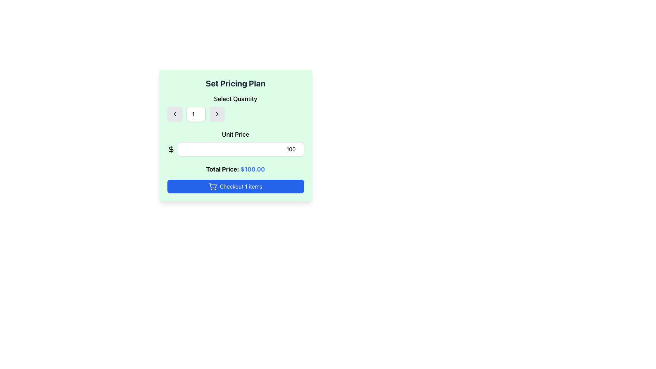 The width and height of the screenshot is (656, 369). Describe the element at coordinates (235, 108) in the screenshot. I see `the interactive buttons in the composite UI section for adjusting item quantity, located below the 'Set Pricing Plan' title` at that location.